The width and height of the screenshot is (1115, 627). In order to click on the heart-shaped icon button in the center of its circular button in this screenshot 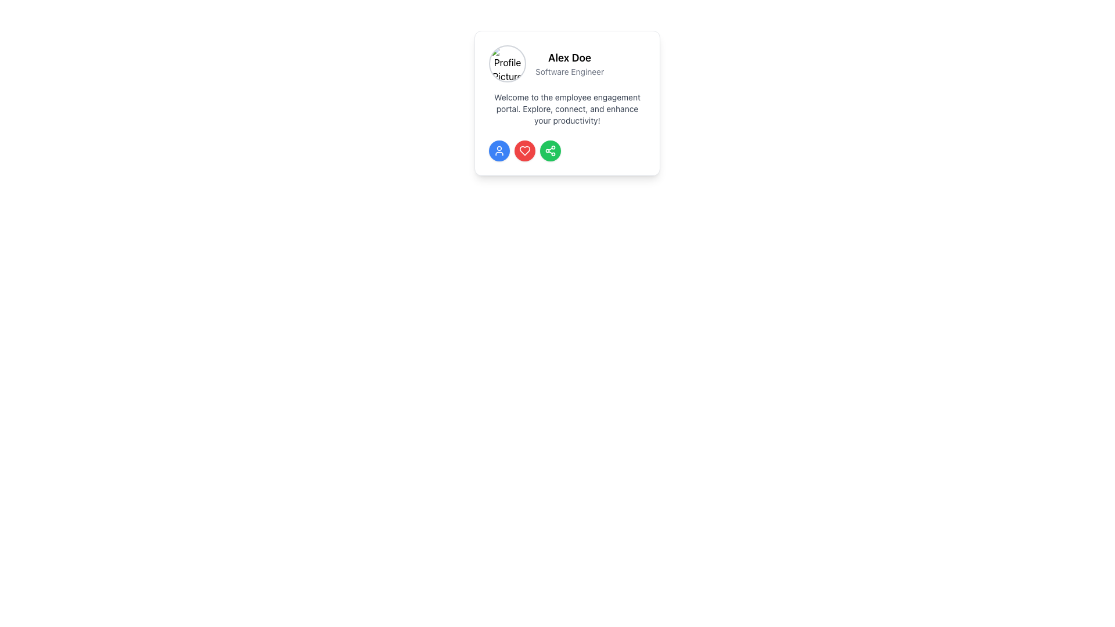, I will do `click(524, 150)`.